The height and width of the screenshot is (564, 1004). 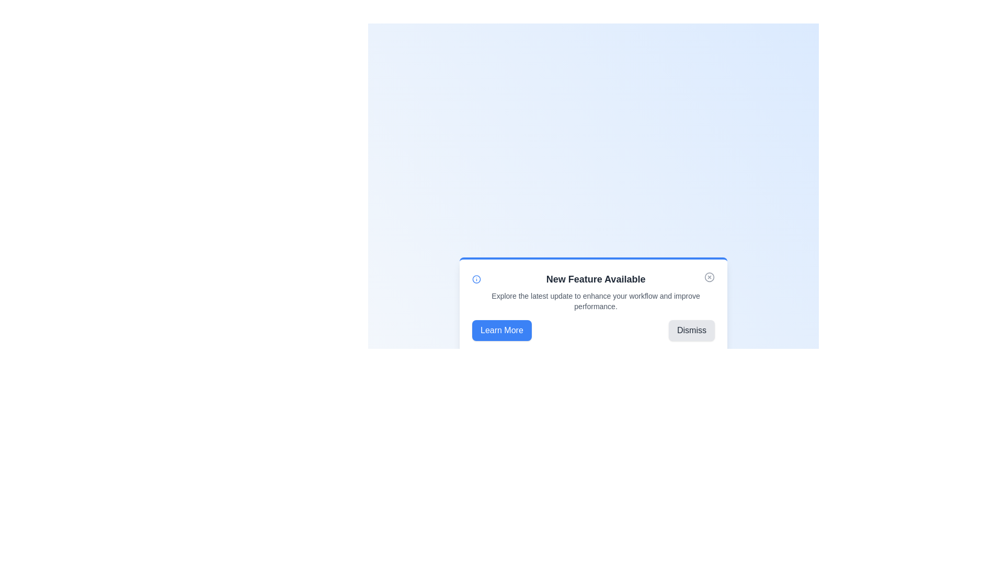 I want to click on the button Dismiss to observe the hover effect, so click(x=692, y=330).